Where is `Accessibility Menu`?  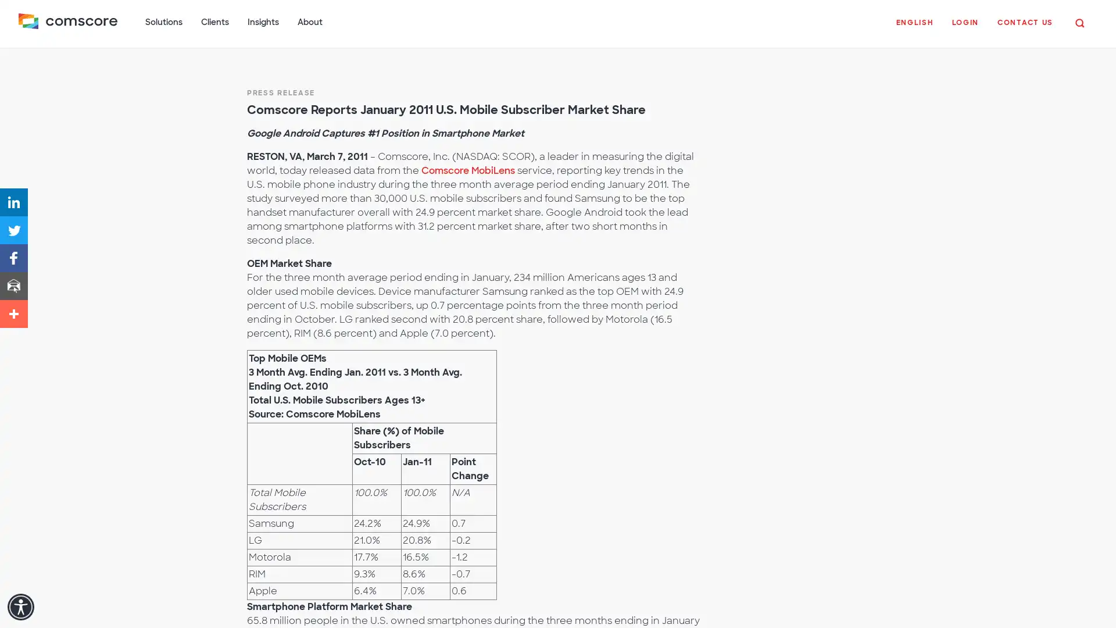
Accessibility Menu is located at coordinates (20, 606).